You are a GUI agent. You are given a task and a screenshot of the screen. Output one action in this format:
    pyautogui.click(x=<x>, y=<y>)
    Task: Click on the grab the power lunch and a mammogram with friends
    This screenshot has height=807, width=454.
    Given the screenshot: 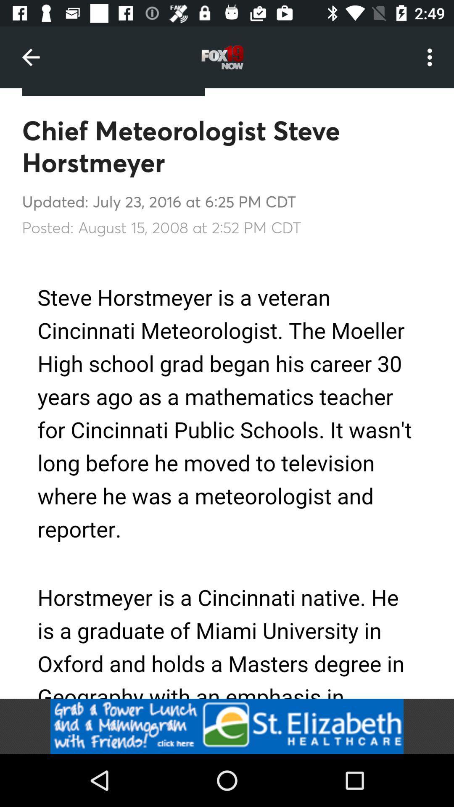 What is the action you would take?
    pyautogui.click(x=227, y=726)
    